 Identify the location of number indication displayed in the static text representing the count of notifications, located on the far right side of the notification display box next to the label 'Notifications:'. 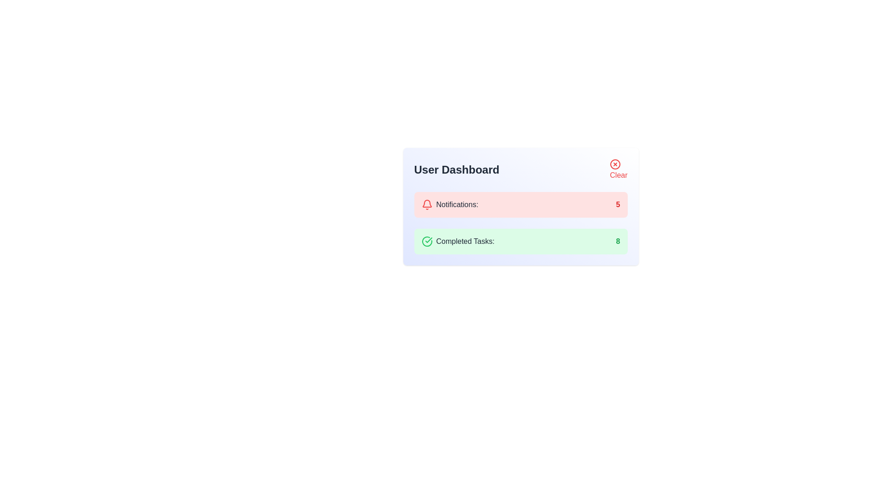
(618, 204).